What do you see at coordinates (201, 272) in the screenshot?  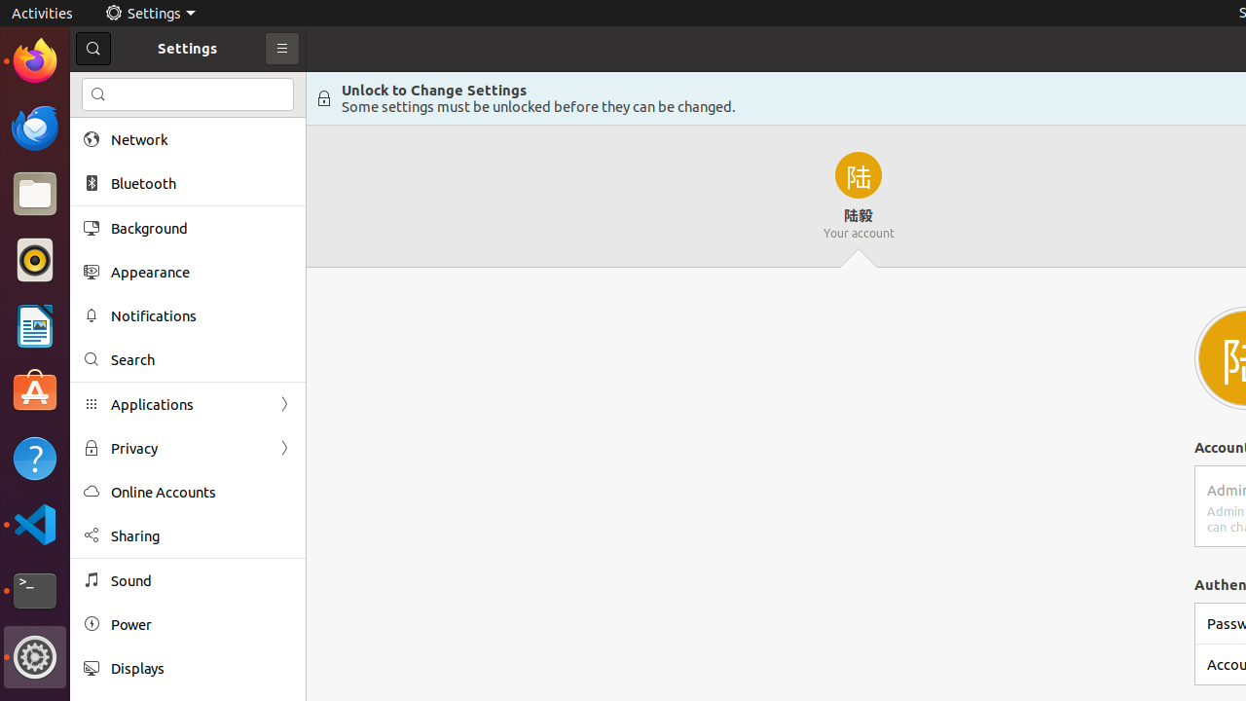 I see `'Appearance'` at bounding box center [201, 272].